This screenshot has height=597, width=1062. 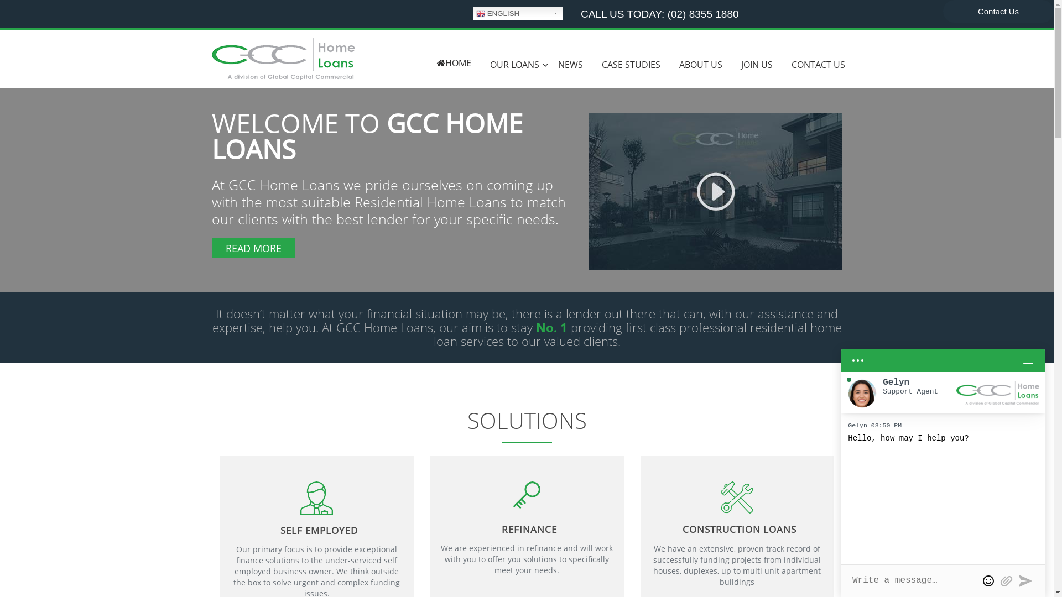 I want to click on 'READ MORE', so click(x=252, y=247).